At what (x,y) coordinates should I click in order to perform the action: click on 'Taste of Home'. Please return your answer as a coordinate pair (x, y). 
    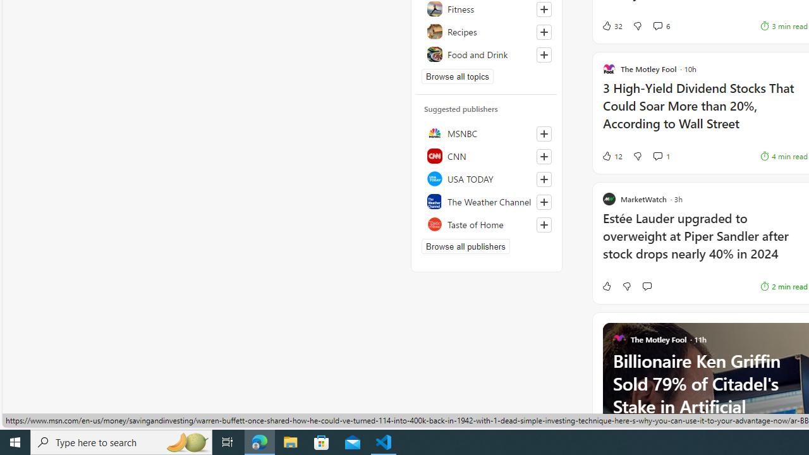
    Looking at the image, I should click on (486, 223).